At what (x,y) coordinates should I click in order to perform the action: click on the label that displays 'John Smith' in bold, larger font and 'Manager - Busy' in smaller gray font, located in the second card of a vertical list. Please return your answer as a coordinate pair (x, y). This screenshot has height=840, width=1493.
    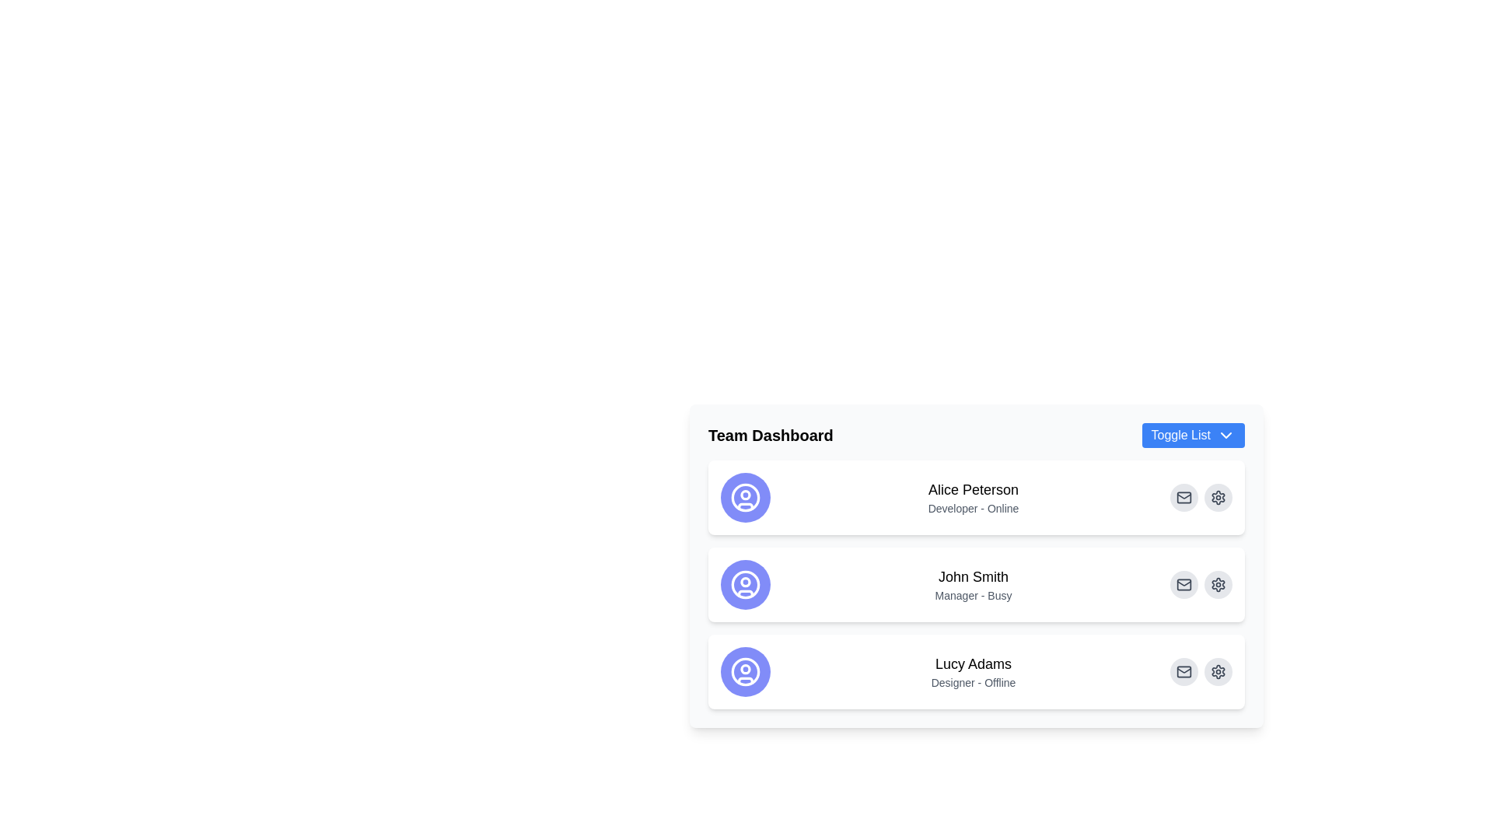
    Looking at the image, I should click on (973, 585).